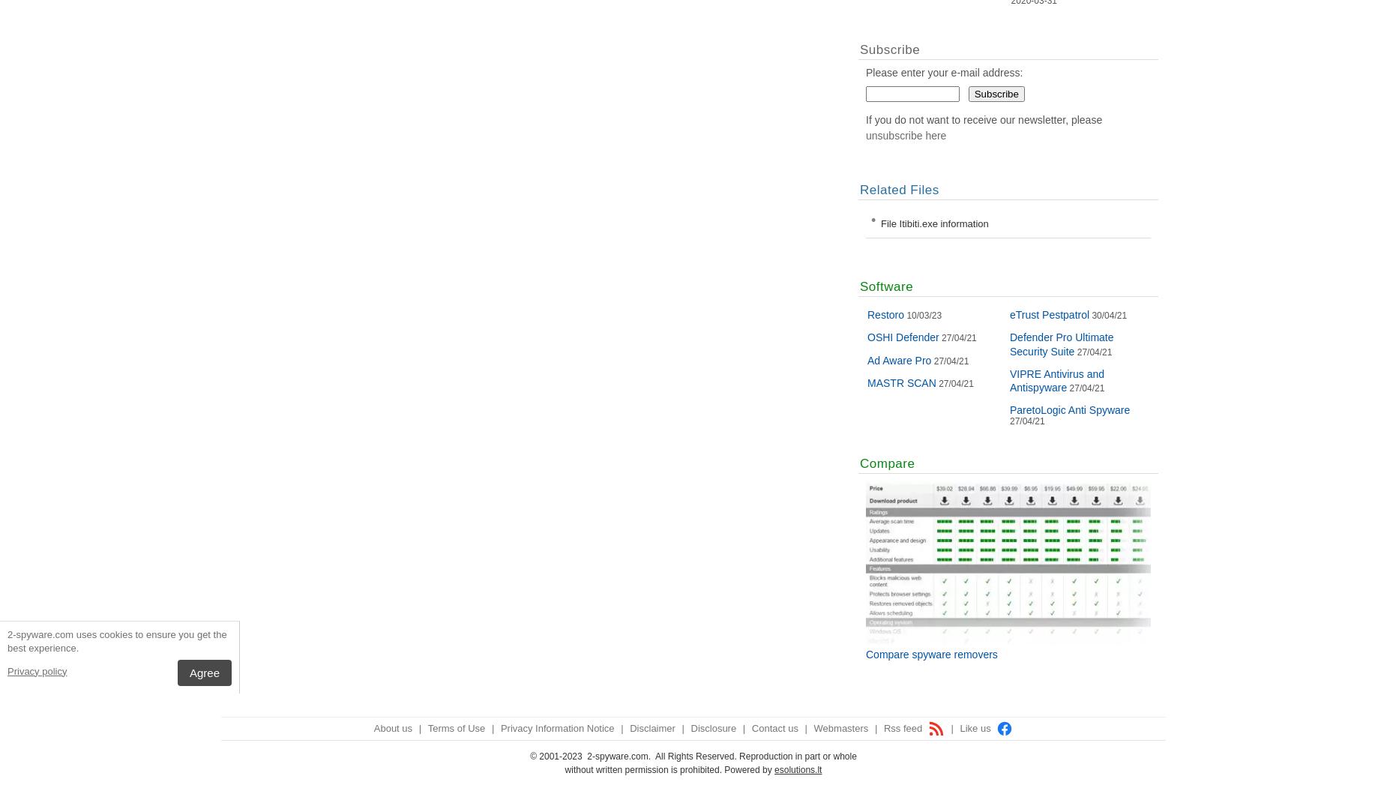 This screenshot has width=1387, height=806. What do you see at coordinates (427, 727) in the screenshot?
I see `'Terms of Use'` at bounding box center [427, 727].